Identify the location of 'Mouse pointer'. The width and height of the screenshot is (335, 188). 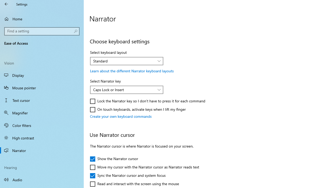
(42, 87).